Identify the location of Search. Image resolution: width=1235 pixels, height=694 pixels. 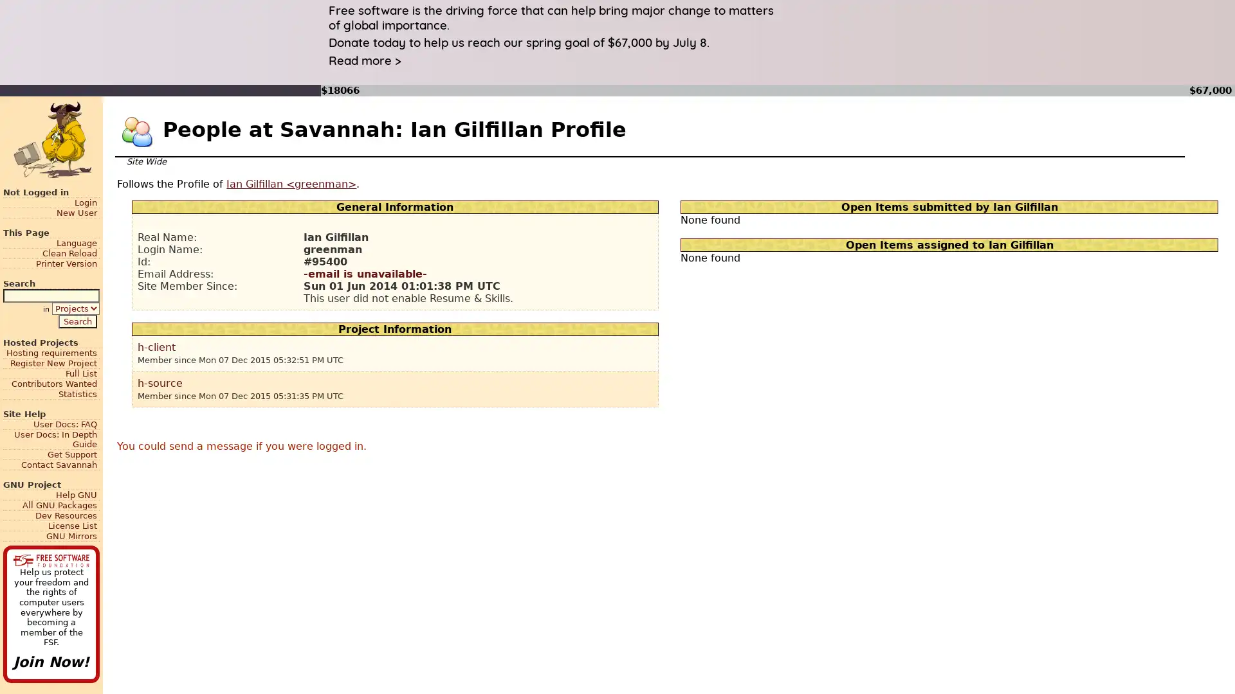
(77, 320).